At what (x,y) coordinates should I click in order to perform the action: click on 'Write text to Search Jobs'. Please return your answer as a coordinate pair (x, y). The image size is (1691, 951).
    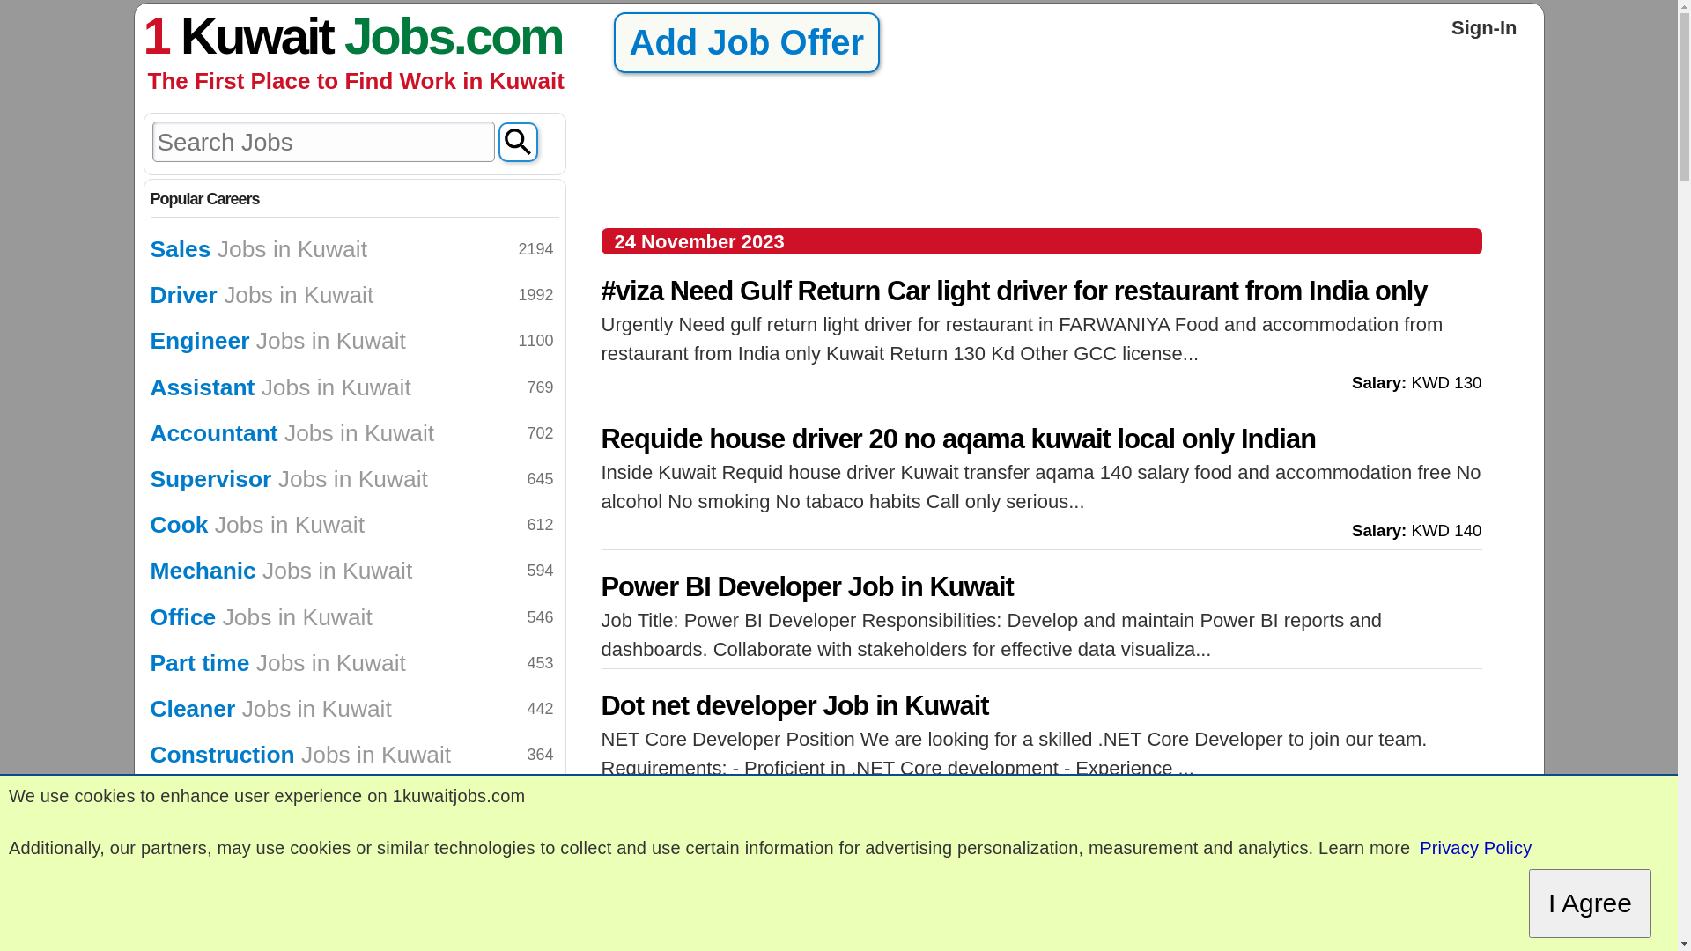
    Looking at the image, I should click on (322, 141).